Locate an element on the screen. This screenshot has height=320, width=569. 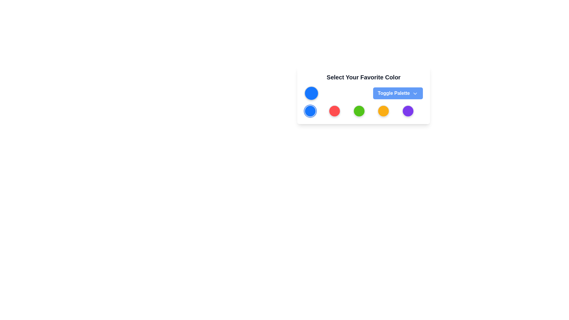
the fifth circular color selection button is located at coordinates (407, 111).